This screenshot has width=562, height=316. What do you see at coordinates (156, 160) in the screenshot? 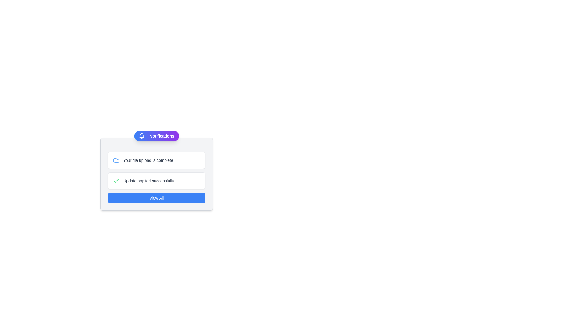
I see `the Notification Card which informs the user that the file upload process has been completed successfully, located in the central modal window` at bounding box center [156, 160].